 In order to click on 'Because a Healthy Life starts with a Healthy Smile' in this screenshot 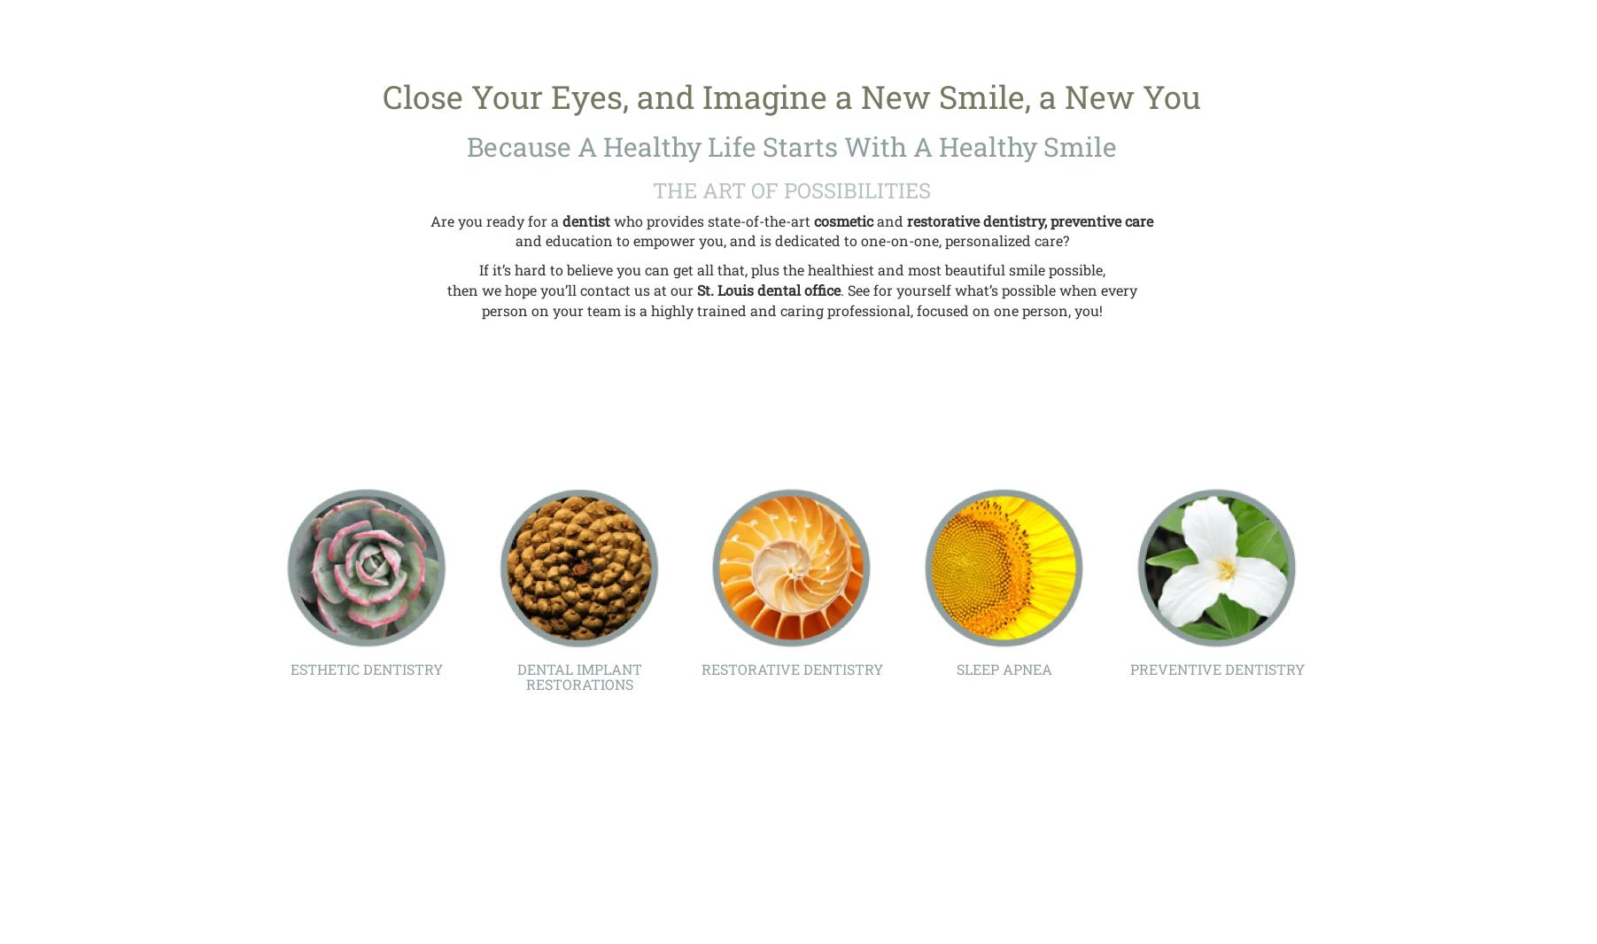, I will do `click(466, 145)`.